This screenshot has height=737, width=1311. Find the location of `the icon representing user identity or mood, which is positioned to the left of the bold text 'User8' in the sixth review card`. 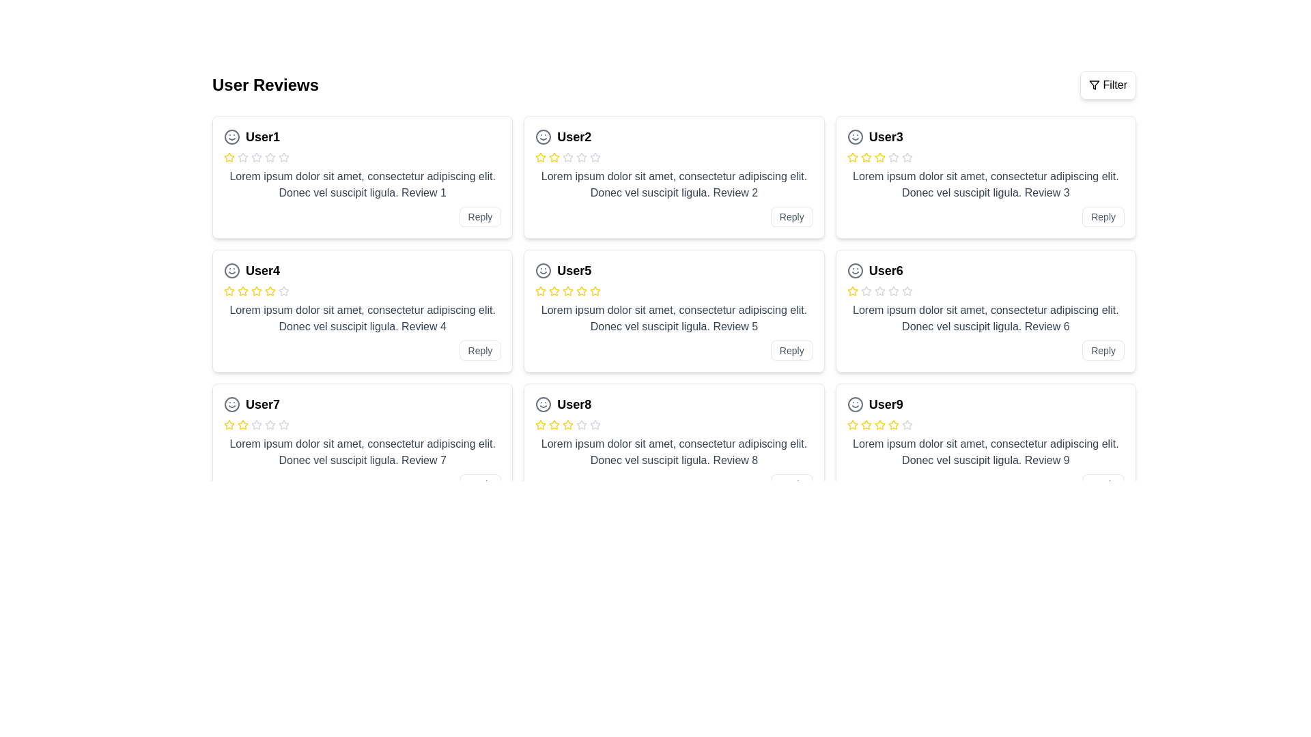

the icon representing user identity or mood, which is positioned to the left of the bold text 'User8' in the sixth review card is located at coordinates (543, 404).